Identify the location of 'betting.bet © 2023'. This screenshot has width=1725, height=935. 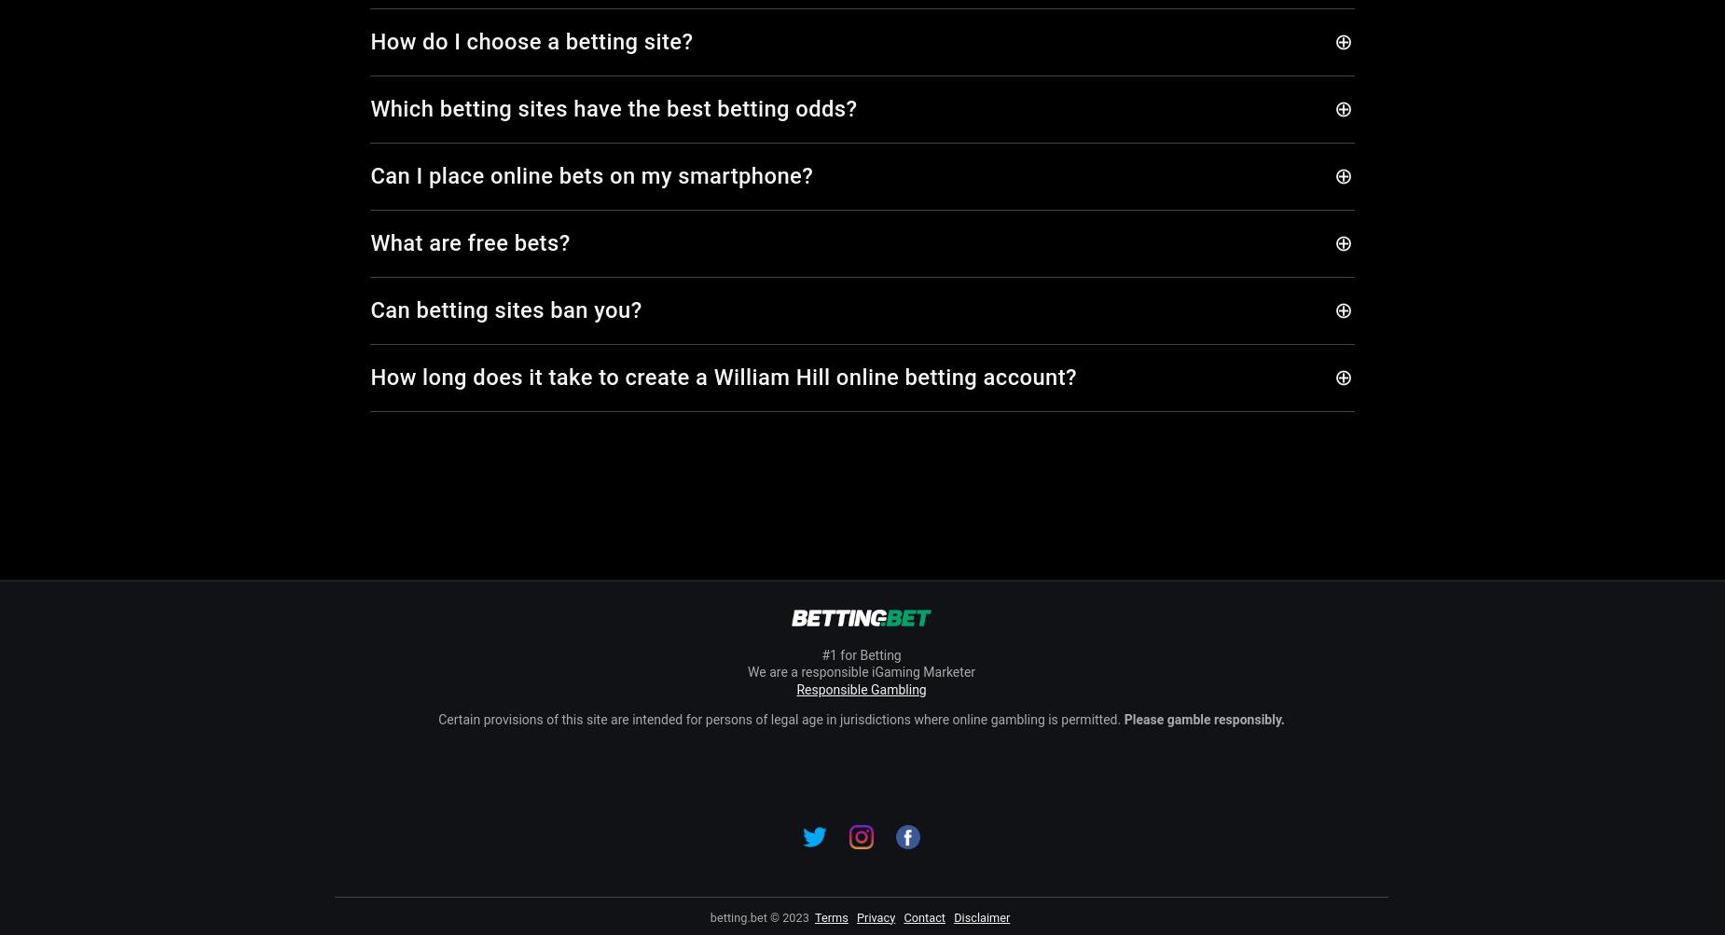
(761, 915).